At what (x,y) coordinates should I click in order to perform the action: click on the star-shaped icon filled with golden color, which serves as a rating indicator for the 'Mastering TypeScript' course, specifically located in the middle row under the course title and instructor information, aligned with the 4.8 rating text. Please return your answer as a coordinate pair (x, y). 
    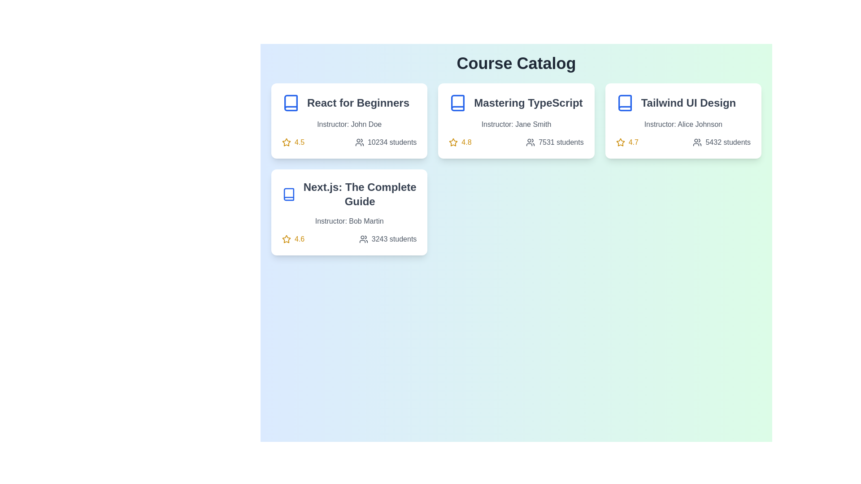
    Looking at the image, I should click on (453, 142).